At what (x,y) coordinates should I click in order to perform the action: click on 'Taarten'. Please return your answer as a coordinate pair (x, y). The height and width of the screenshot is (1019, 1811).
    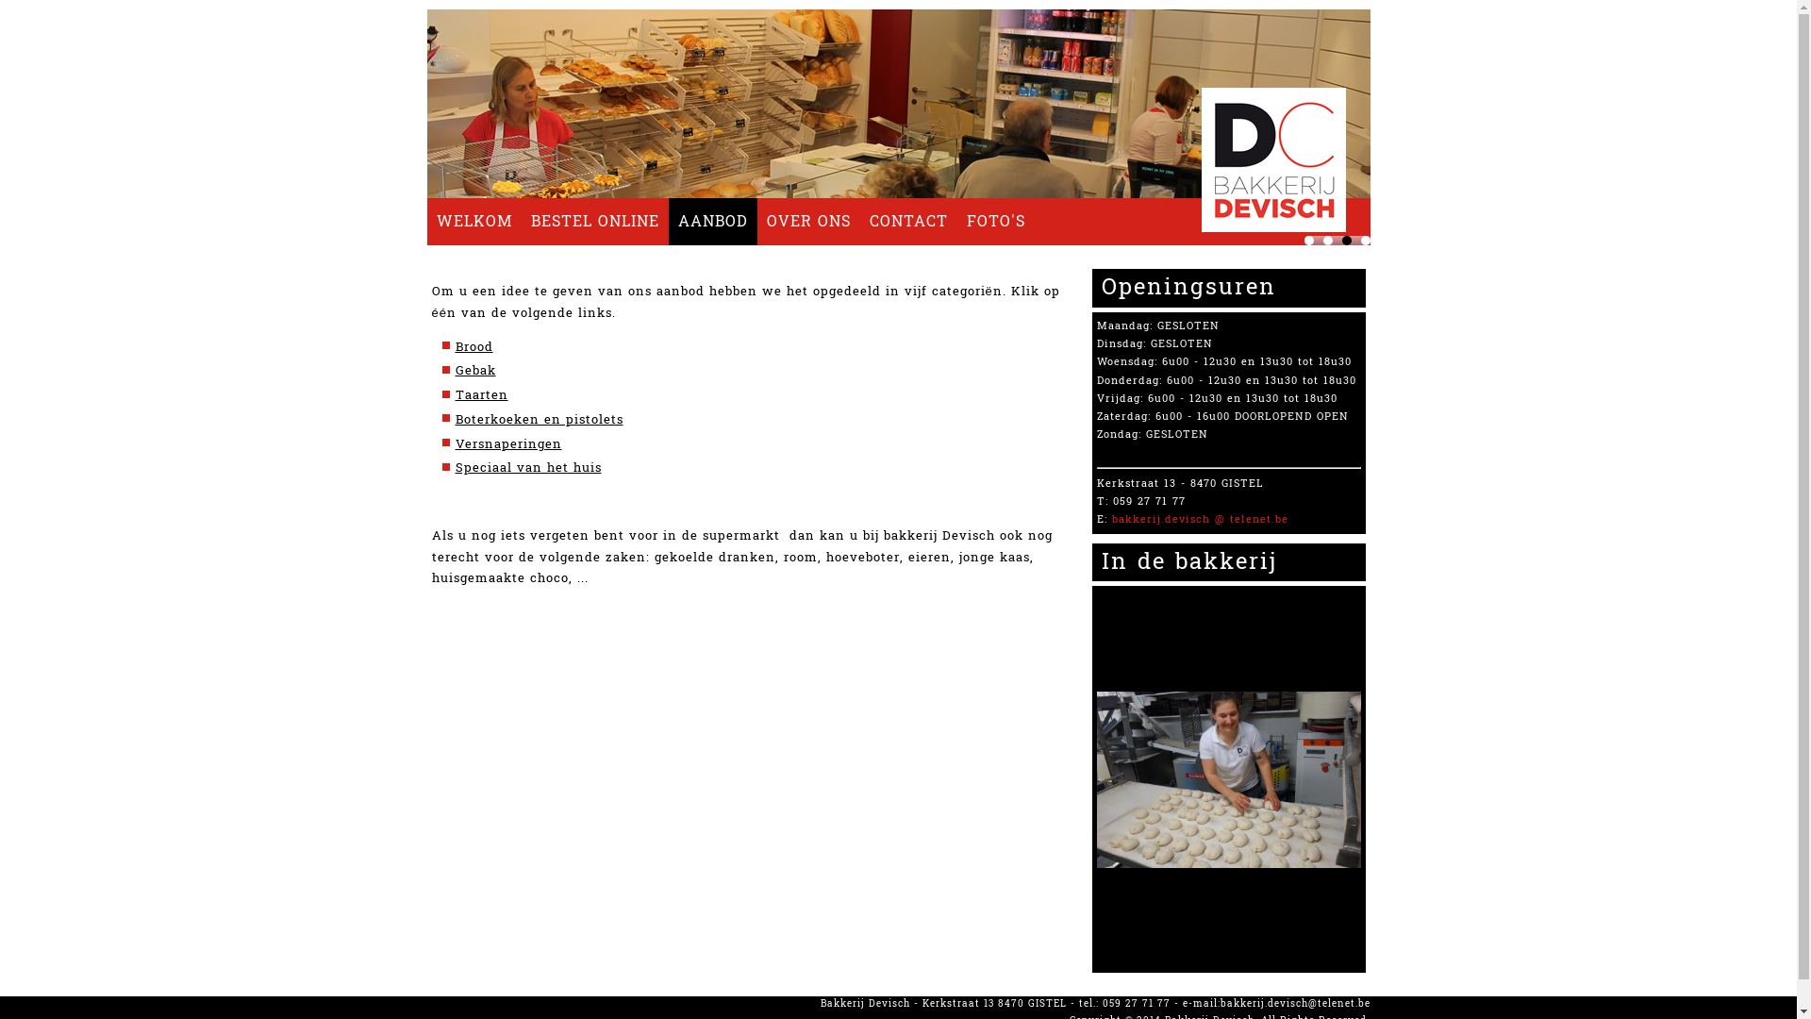
    Looking at the image, I should click on (480, 394).